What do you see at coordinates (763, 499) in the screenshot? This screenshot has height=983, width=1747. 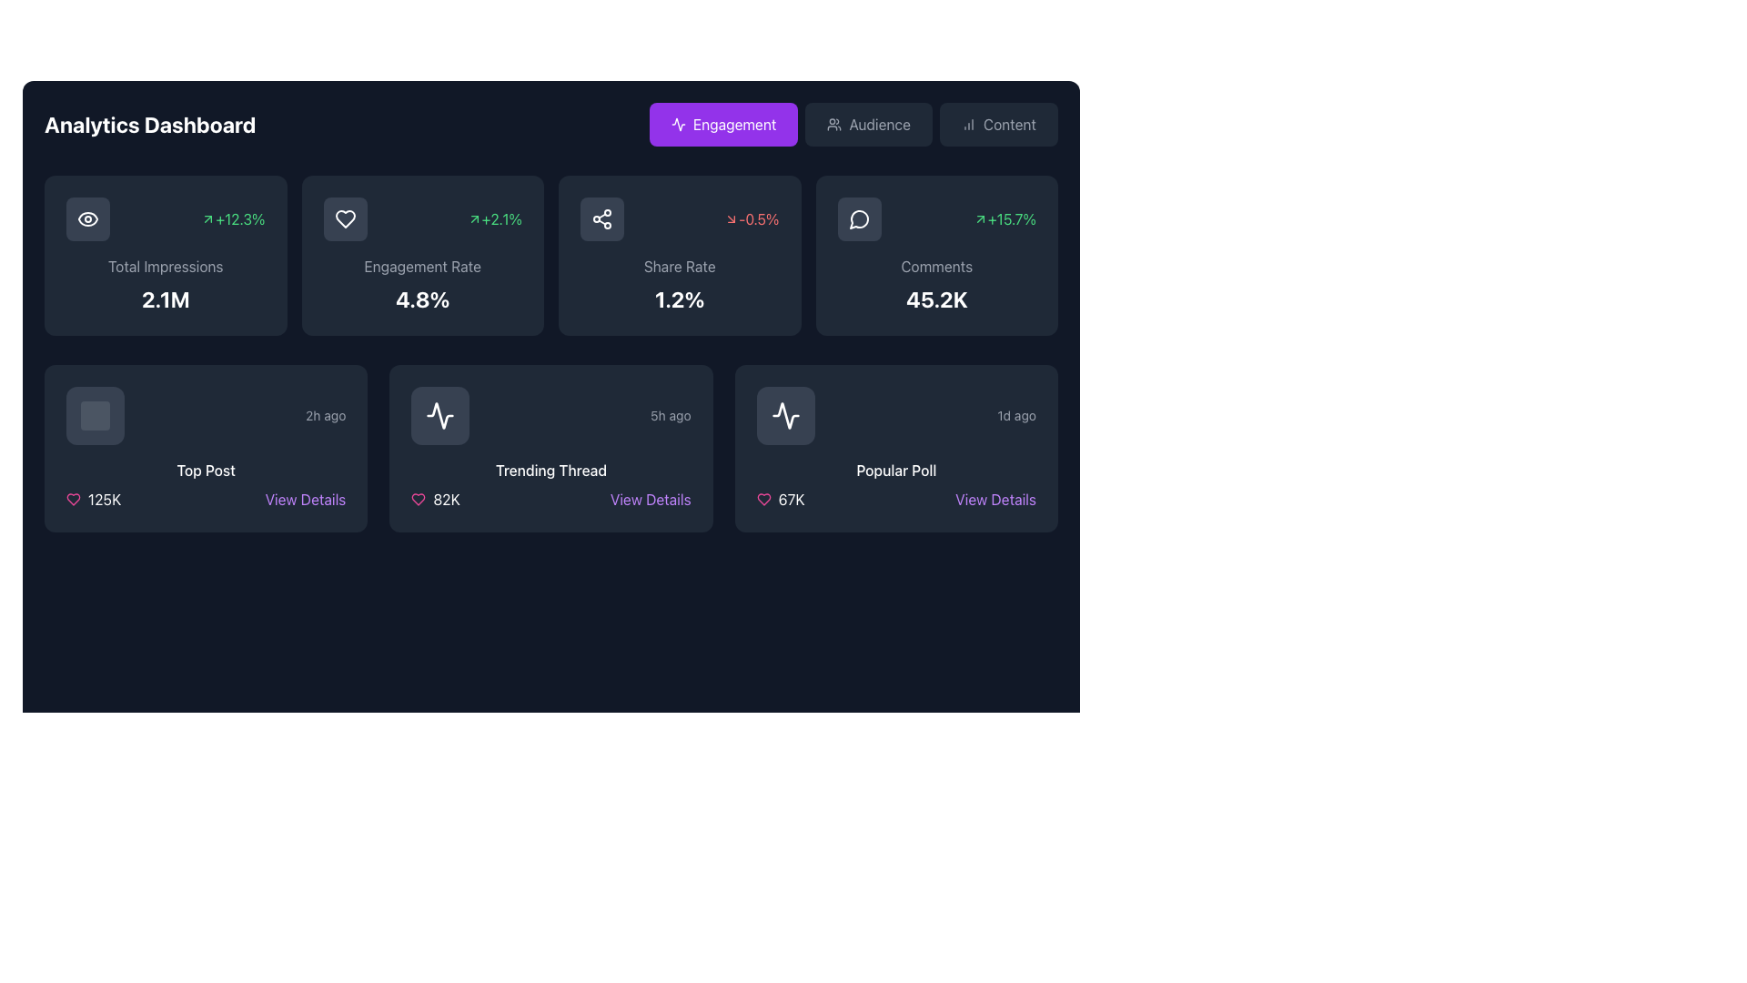 I see `the pink heart icon located to the left of the text '67K' in the Popular Poll card for visual feedback` at bounding box center [763, 499].